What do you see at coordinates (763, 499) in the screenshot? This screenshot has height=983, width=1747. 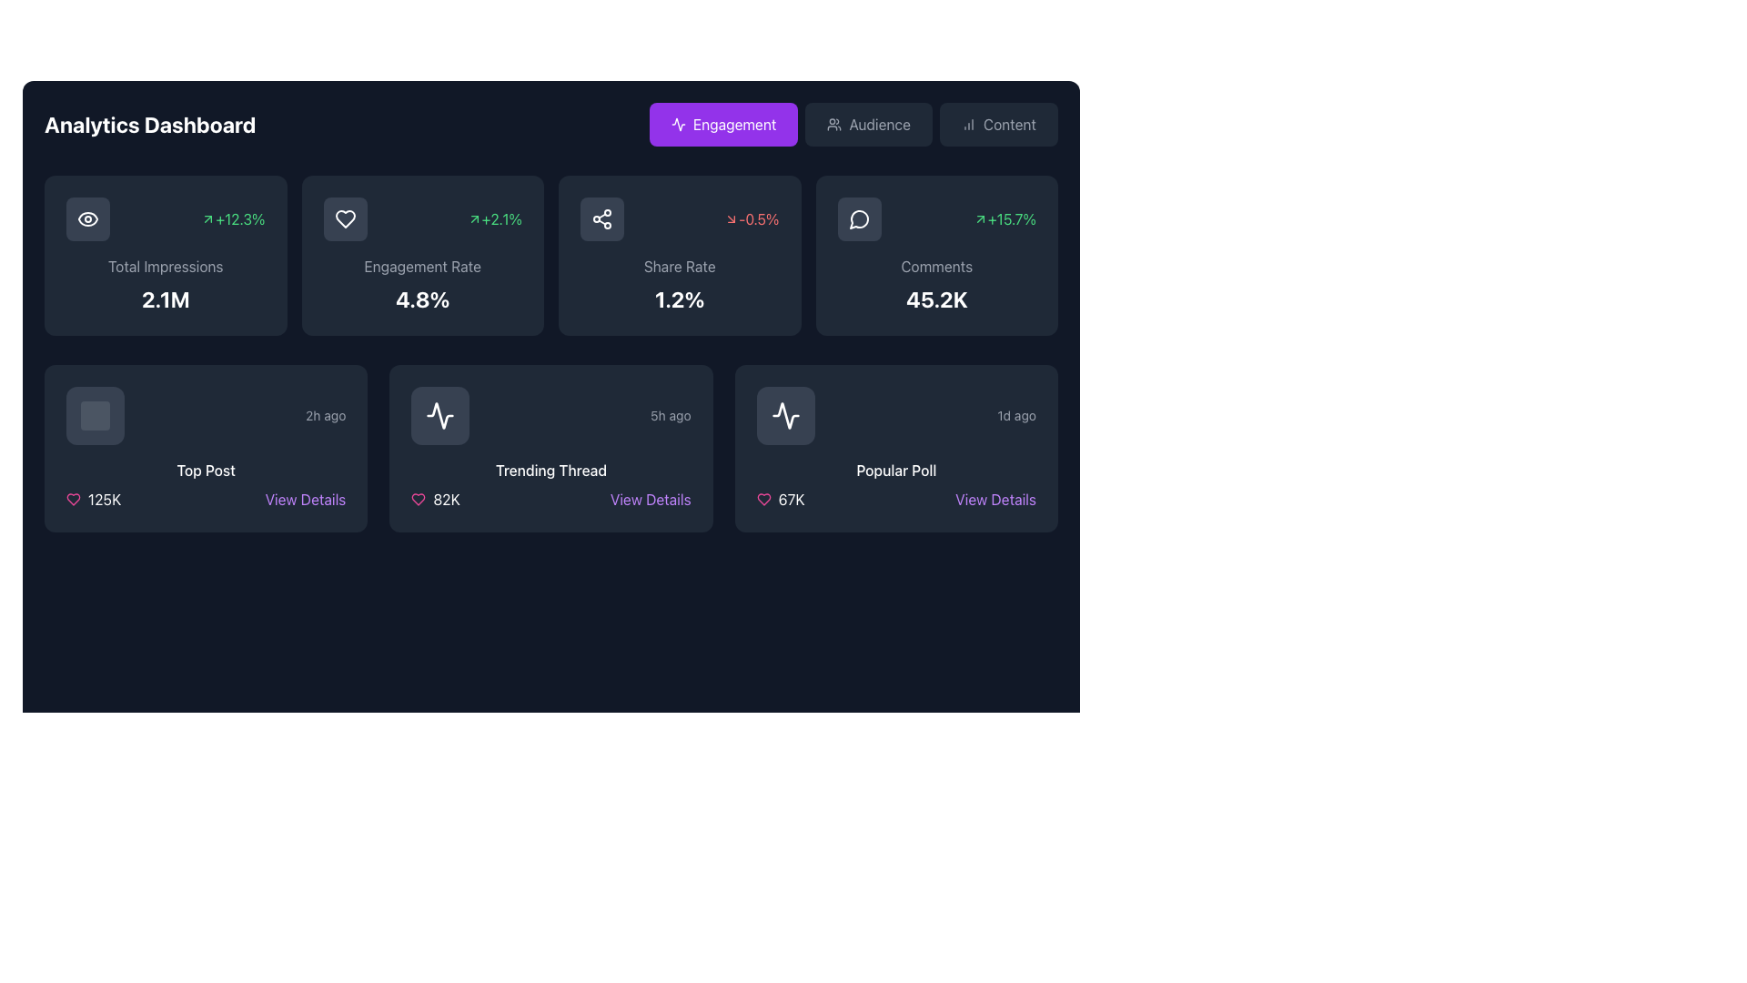 I see `the pink heart icon located to the left of the text '67K' in the Popular Poll card for visual feedback` at bounding box center [763, 499].